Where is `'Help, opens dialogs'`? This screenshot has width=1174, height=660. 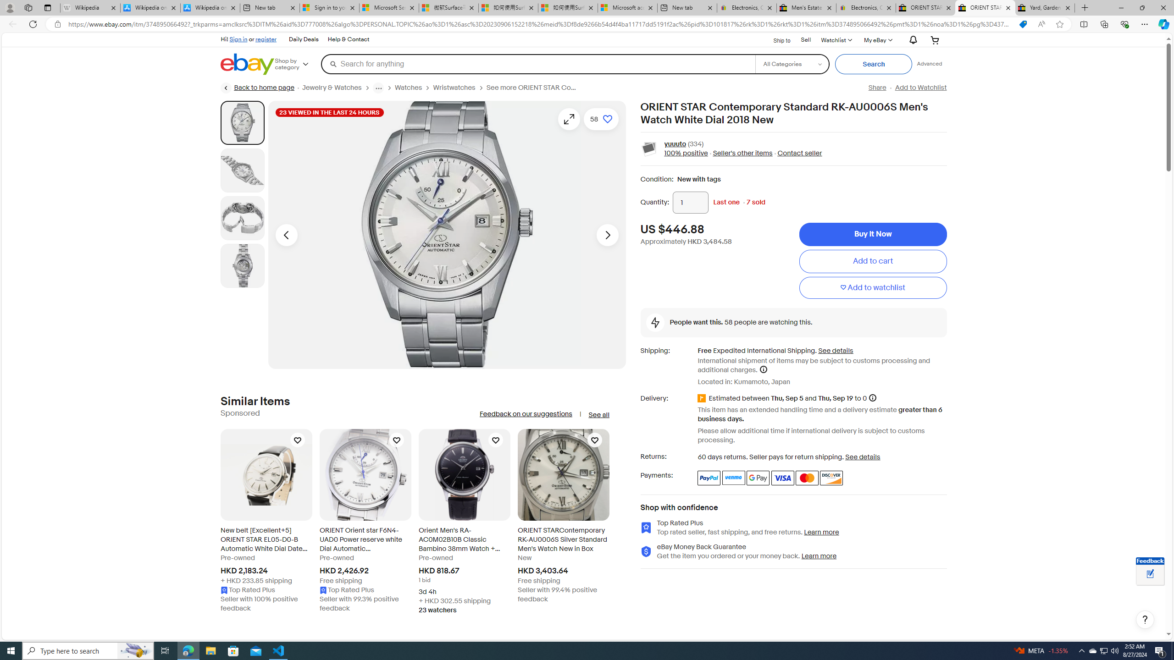 'Help, opens dialogs' is located at coordinates (1145, 619).